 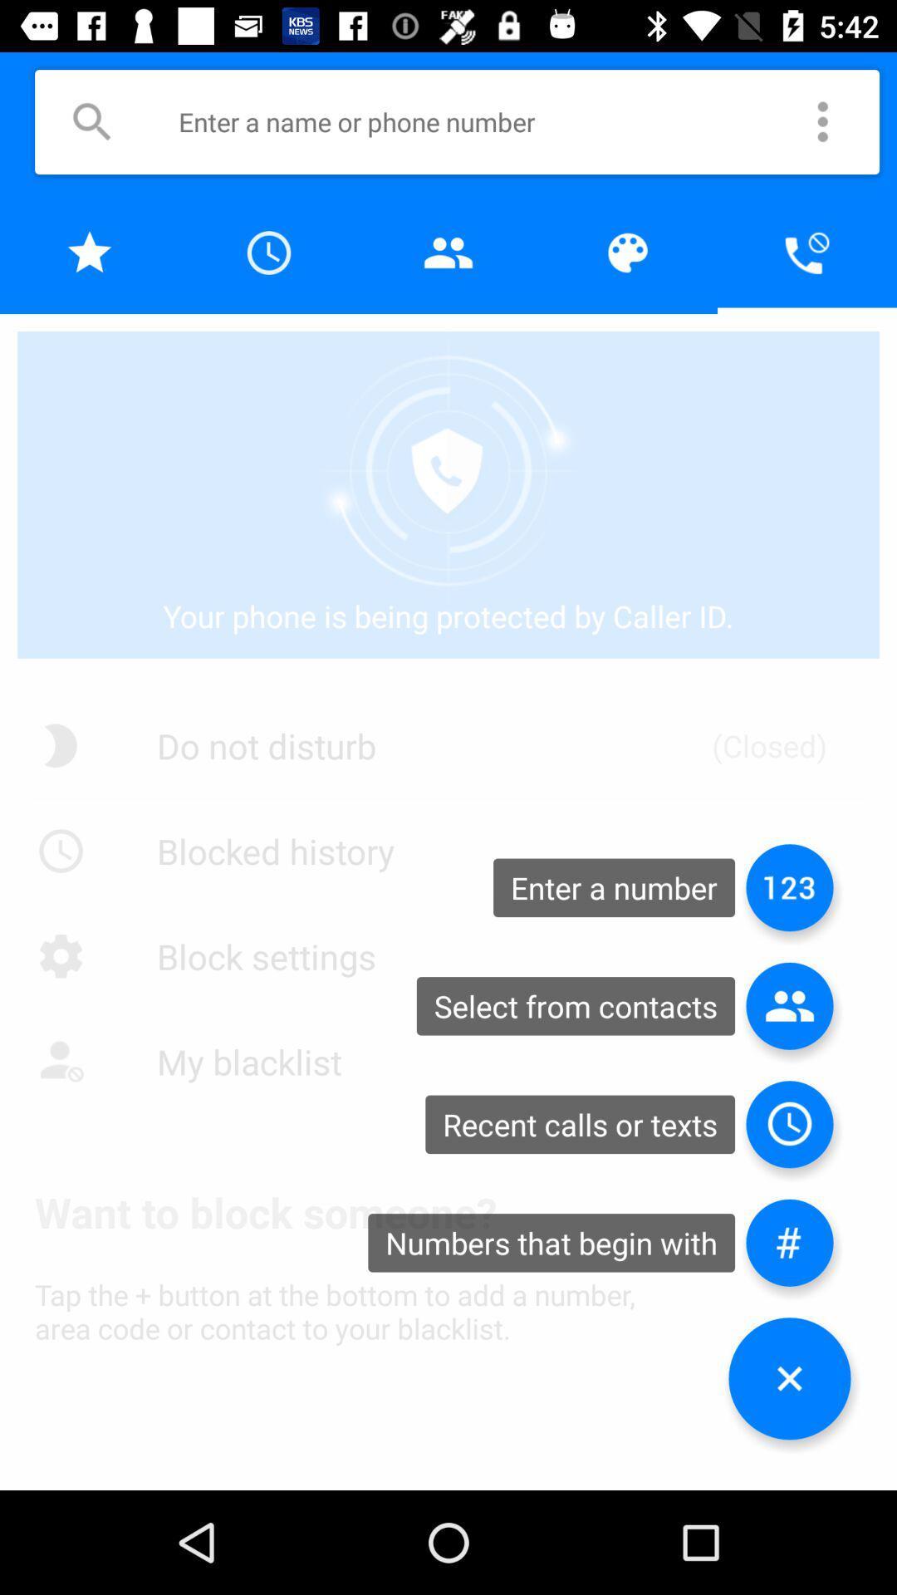 I want to click on the skip_next icon, so click(x=789, y=886).